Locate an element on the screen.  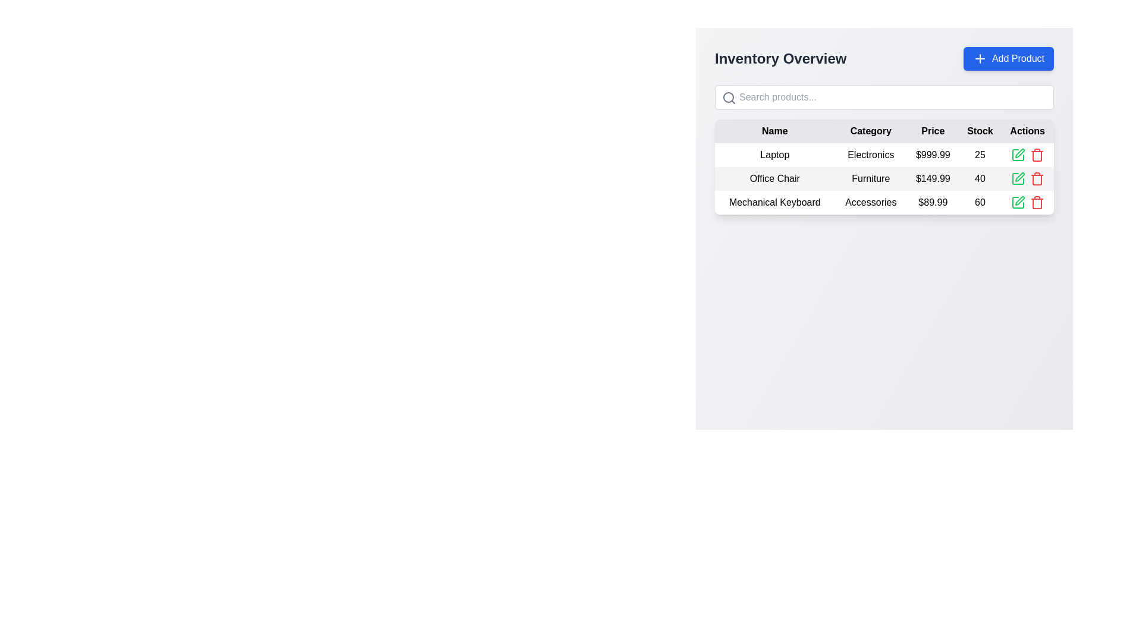
the 'Stock' header label, which indicates the type of data displayed in the corresponding column below it in the table is located at coordinates (980, 131).